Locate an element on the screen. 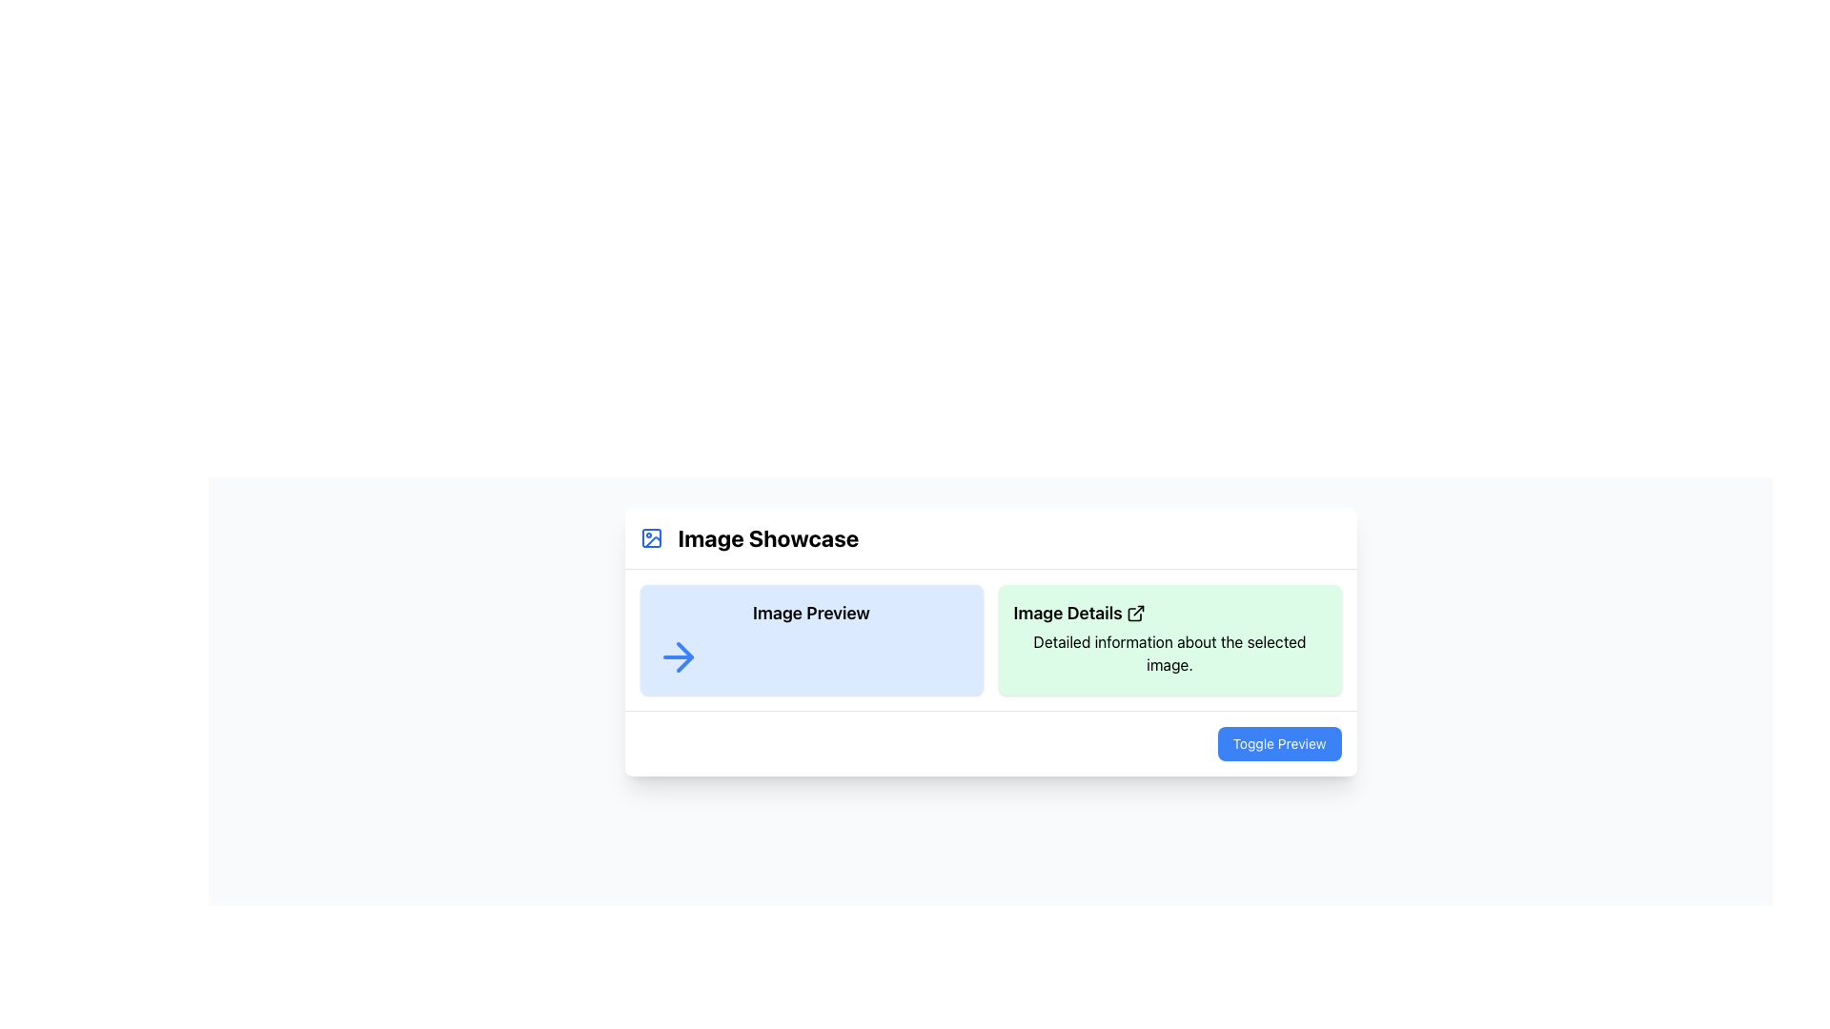  the 'Image Preview' text label which is styled with a bold font and a large size, located within a light blue rectangular background is located at coordinates (811, 614).